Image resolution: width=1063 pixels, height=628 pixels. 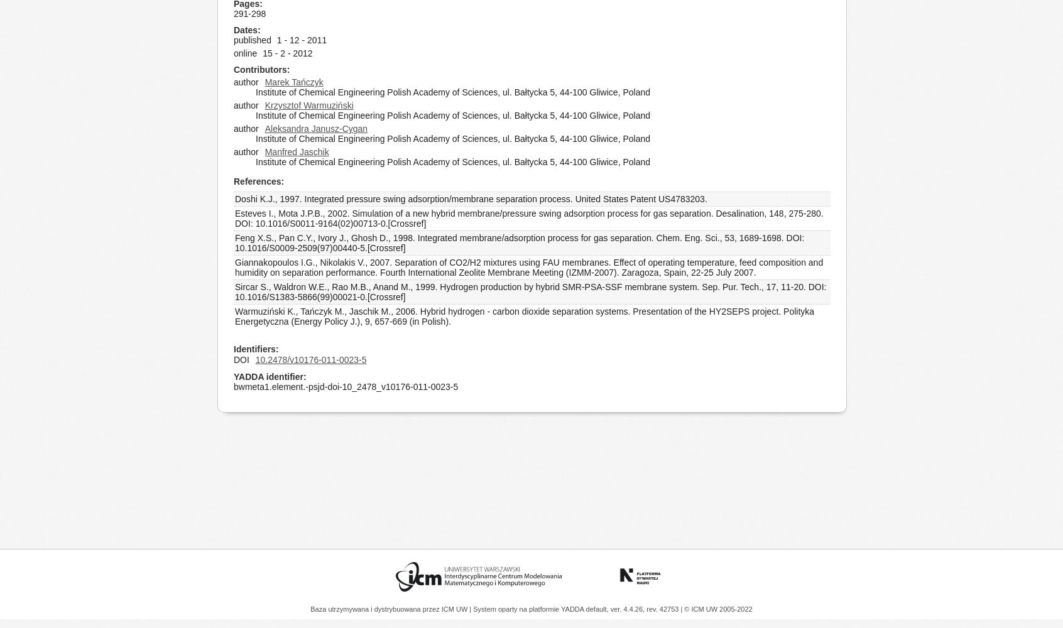 What do you see at coordinates (286, 53) in the screenshot?
I see `'15 - 2 - 2012'` at bounding box center [286, 53].